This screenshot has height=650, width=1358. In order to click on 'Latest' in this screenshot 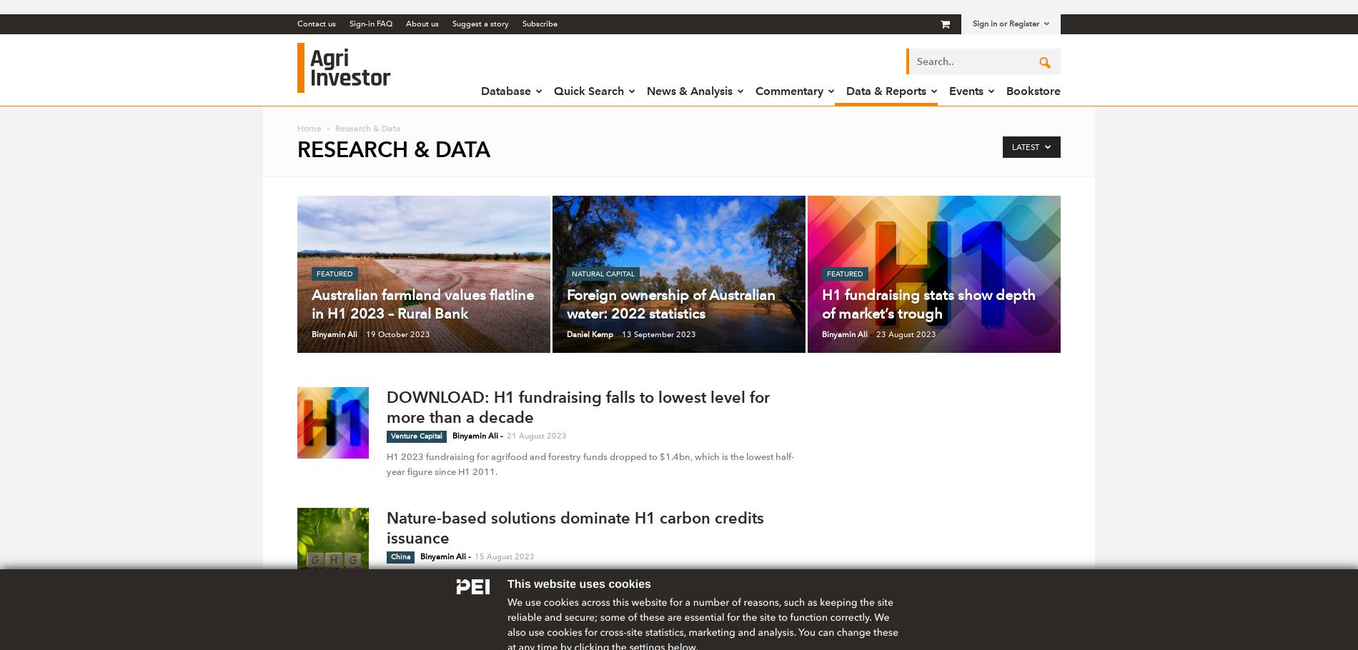, I will do `click(1026, 146)`.